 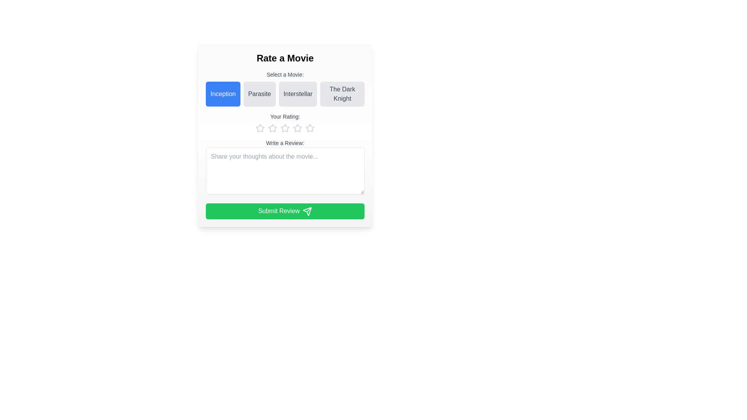 I want to click on the centered bold title text labeled 'Rate a Movie', which is positioned at the top-center of the form layout, so click(x=285, y=58).